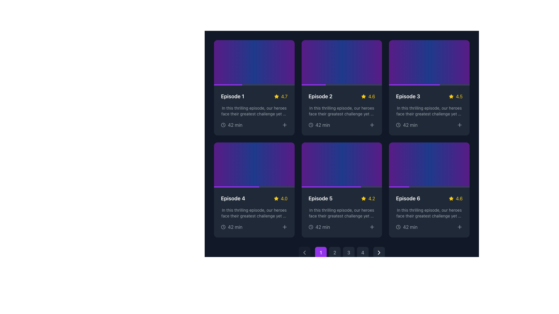 The height and width of the screenshot is (314, 559). Describe the element at coordinates (236, 187) in the screenshot. I see `the progress indication represented by the filled segment of the progress bar for 'Episode 4' located at the bottom of the card` at that location.